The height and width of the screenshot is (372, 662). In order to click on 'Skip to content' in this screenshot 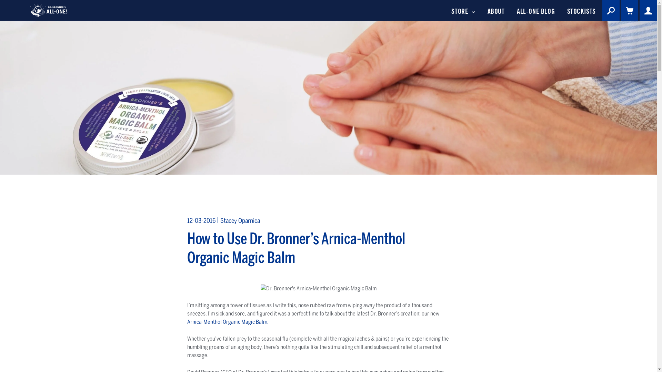, I will do `click(0, 0)`.